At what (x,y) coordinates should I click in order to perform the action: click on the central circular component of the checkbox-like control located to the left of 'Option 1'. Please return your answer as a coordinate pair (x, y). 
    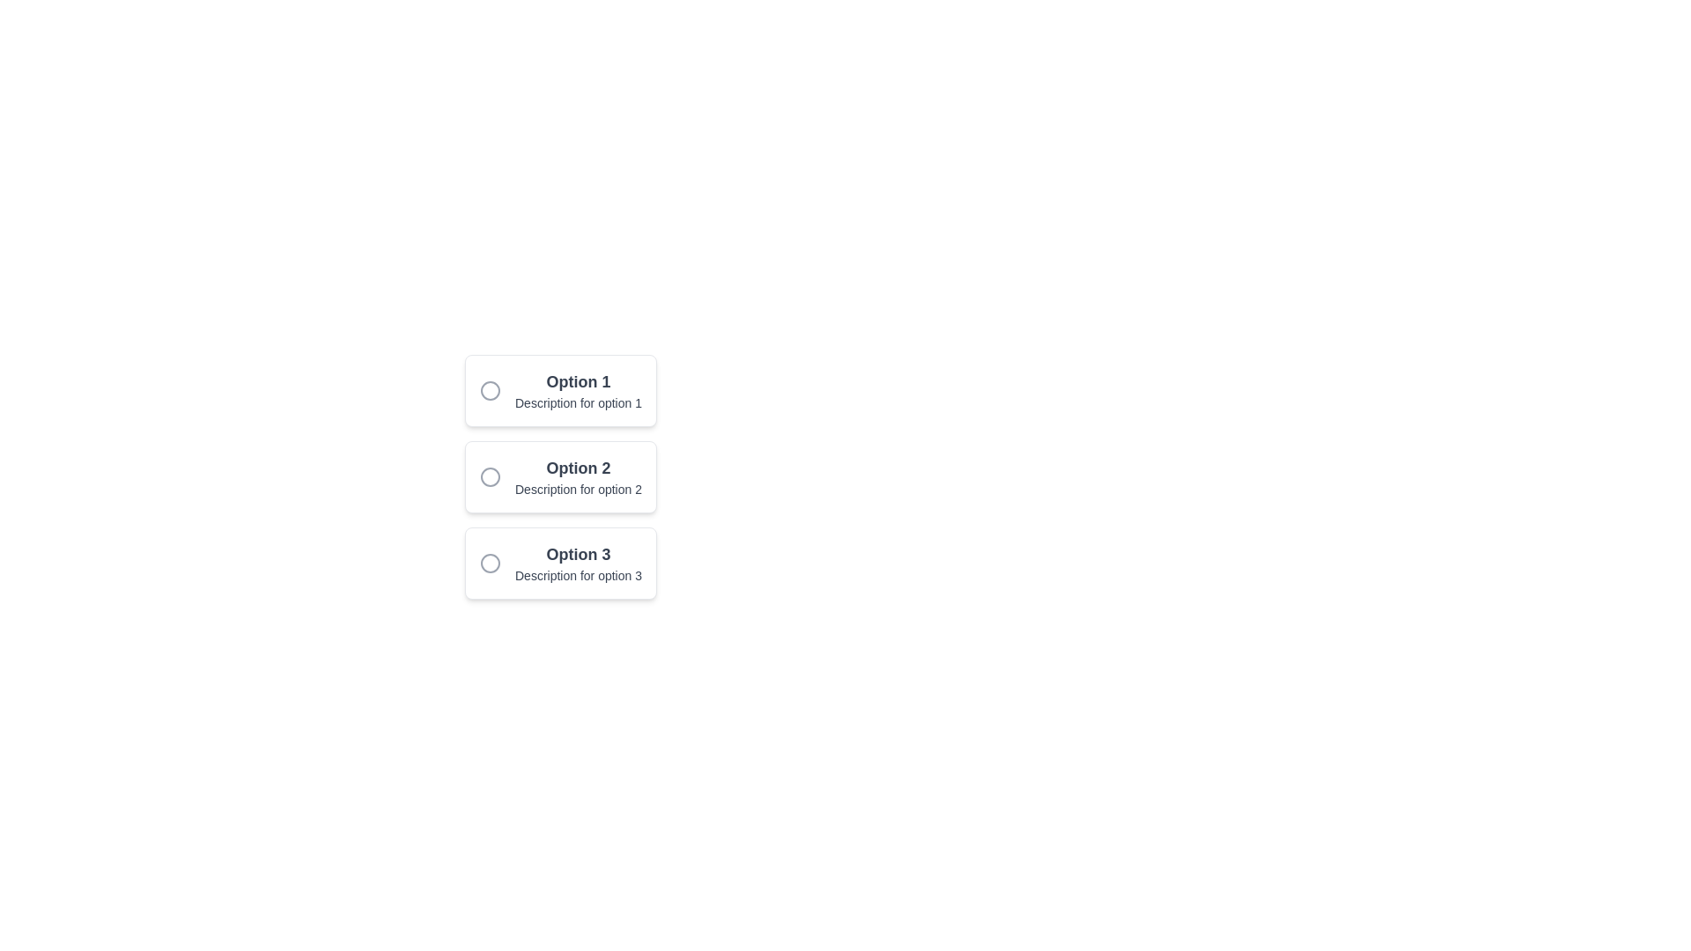
    Looking at the image, I should click on (490, 389).